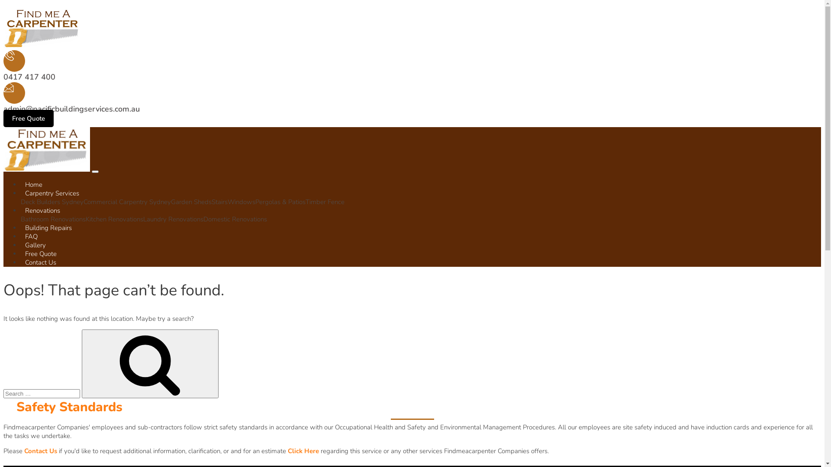 The height and width of the screenshot is (467, 831). What do you see at coordinates (114, 218) in the screenshot?
I see `'Kitchen Renovations'` at bounding box center [114, 218].